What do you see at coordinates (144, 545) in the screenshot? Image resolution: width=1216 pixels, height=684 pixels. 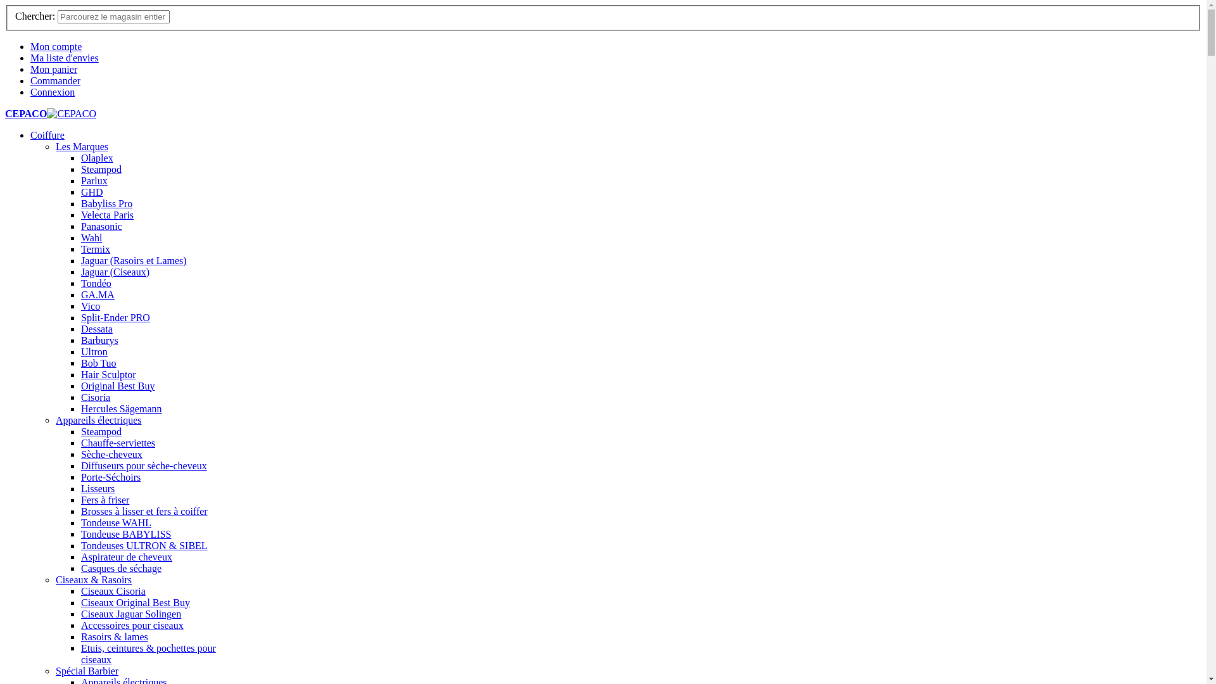 I see `'Tondeuses ULTRON & SIBEL'` at bounding box center [144, 545].